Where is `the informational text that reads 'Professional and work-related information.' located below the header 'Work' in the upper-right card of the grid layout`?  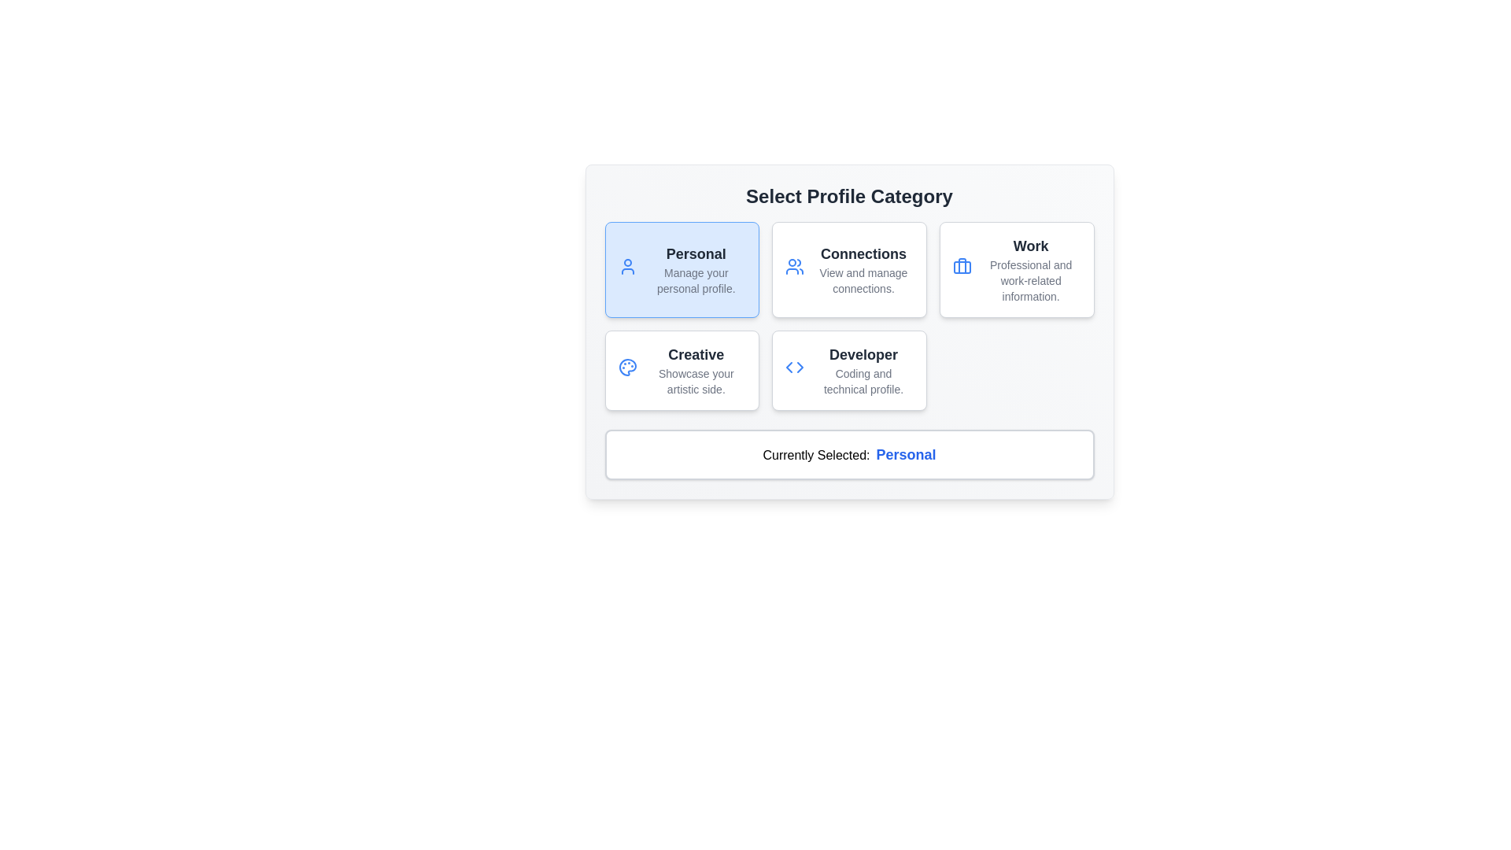
the informational text that reads 'Professional and work-related information.' located below the header 'Work' in the upper-right card of the grid layout is located at coordinates (1031, 280).